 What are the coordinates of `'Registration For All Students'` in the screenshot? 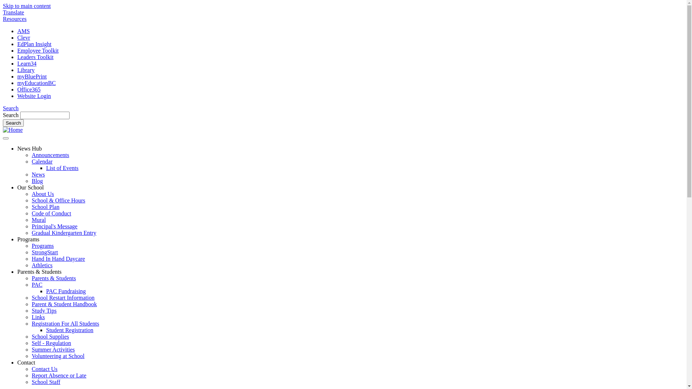 It's located at (65, 323).